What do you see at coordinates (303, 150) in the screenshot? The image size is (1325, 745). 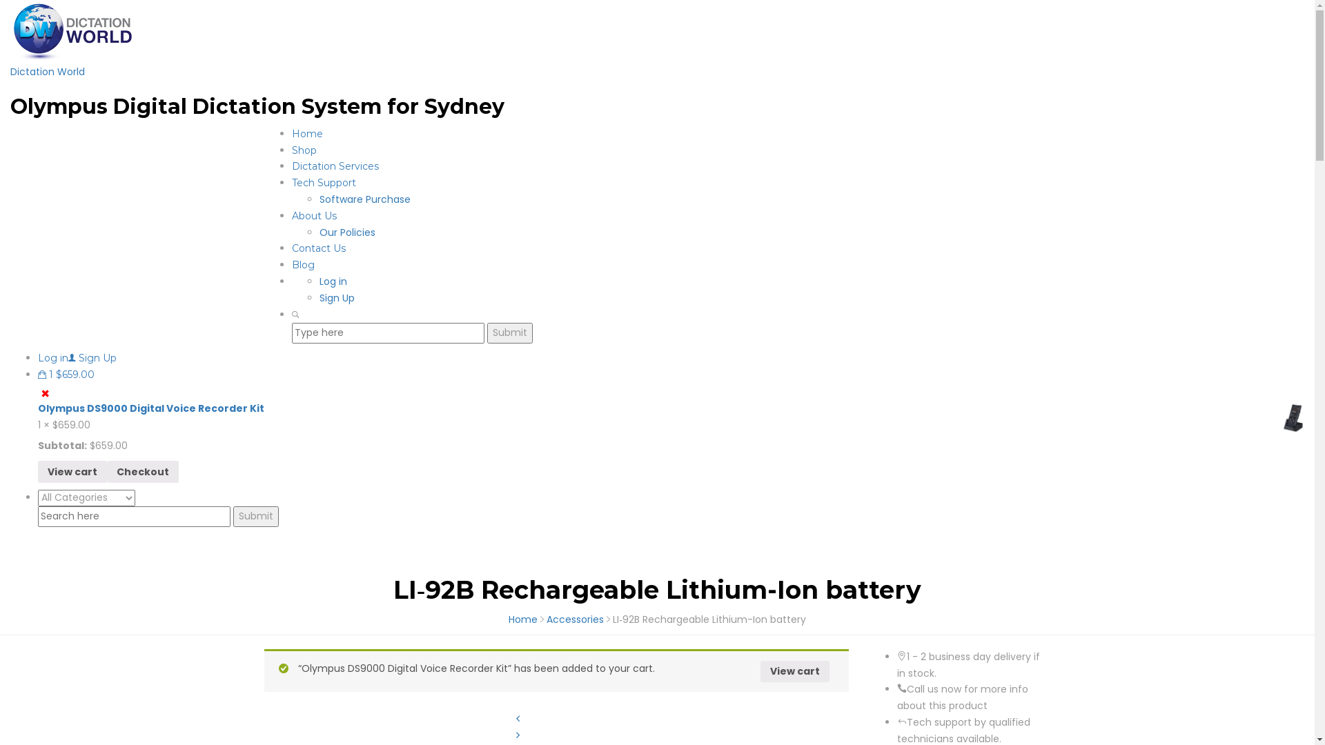 I see `'Shop'` at bounding box center [303, 150].